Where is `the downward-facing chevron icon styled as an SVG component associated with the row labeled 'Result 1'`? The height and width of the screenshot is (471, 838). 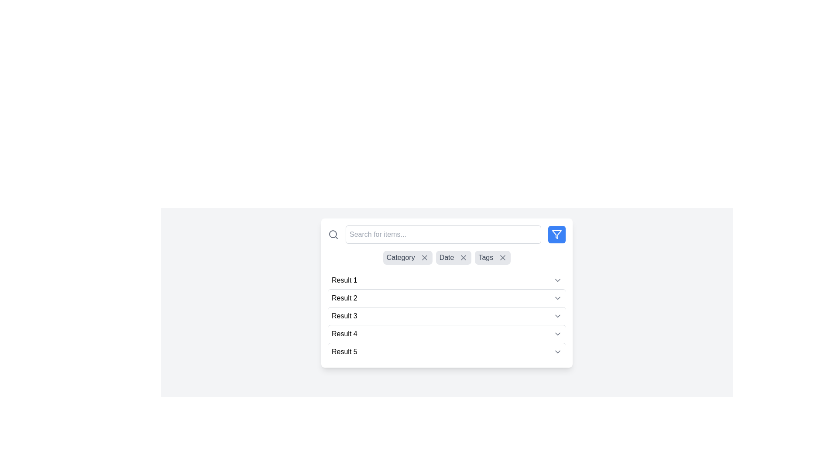
the downward-facing chevron icon styled as an SVG component associated with the row labeled 'Result 1' is located at coordinates (557, 280).